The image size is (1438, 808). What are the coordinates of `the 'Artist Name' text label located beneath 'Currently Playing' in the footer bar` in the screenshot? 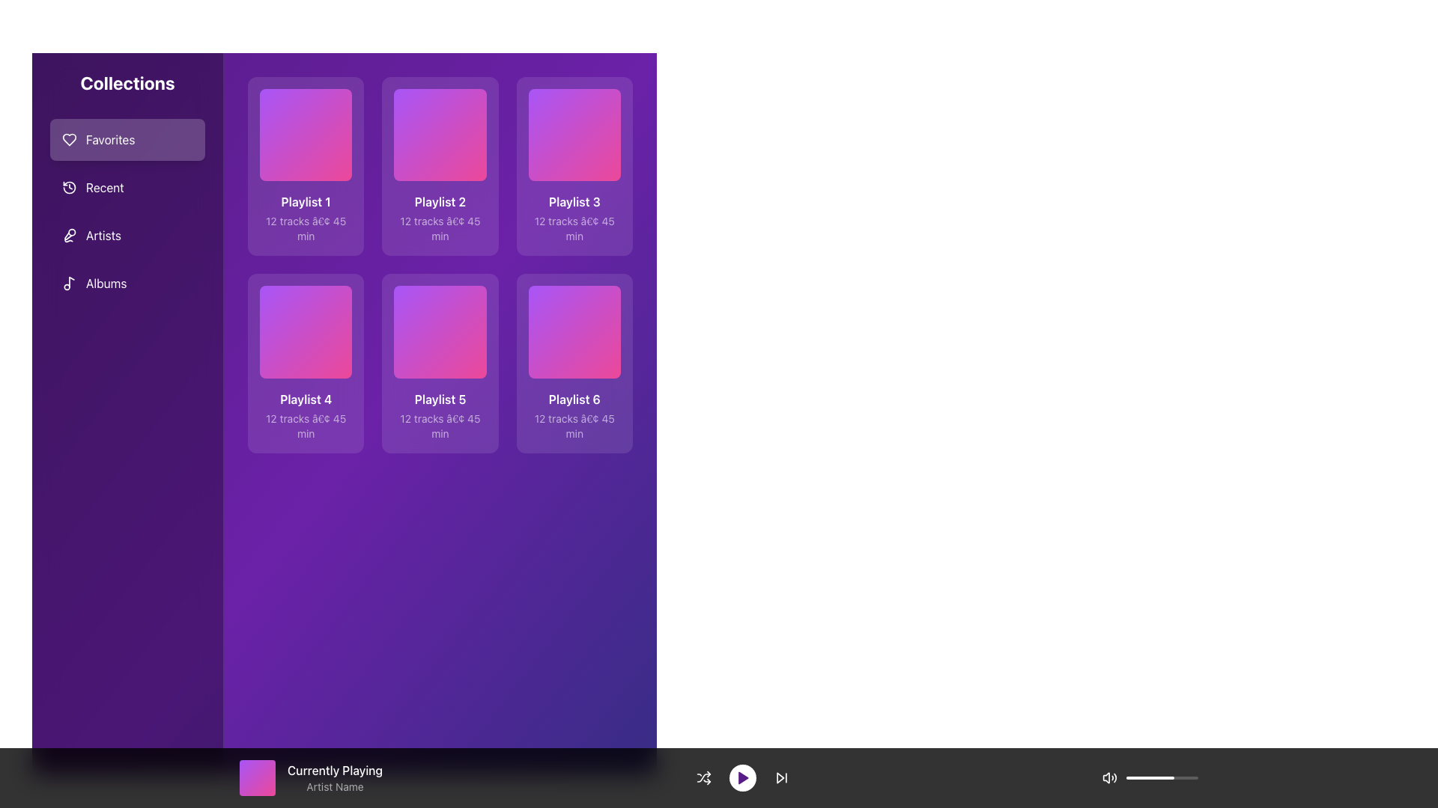 It's located at (334, 786).